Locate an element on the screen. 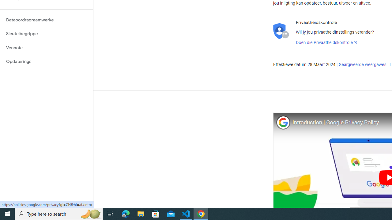 The image size is (392, 220). 'Vennote' is located at coordinates (46, 47).